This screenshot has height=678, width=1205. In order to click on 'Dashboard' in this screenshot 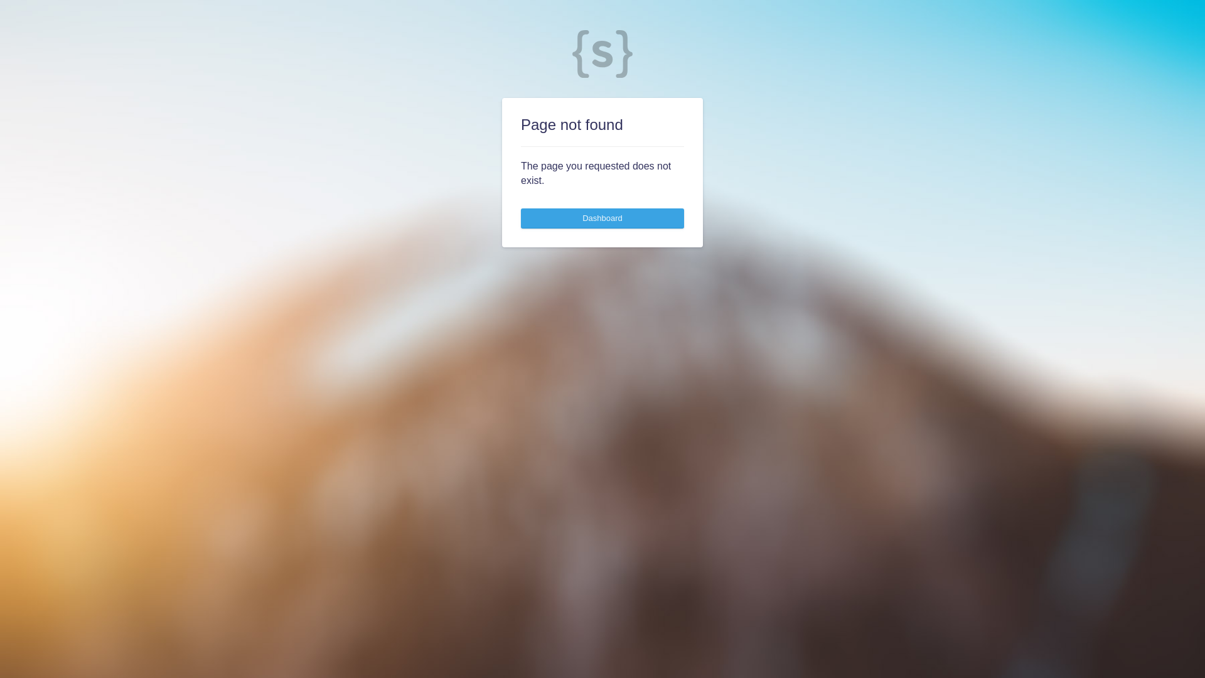, I will do `click(602, 217)`.